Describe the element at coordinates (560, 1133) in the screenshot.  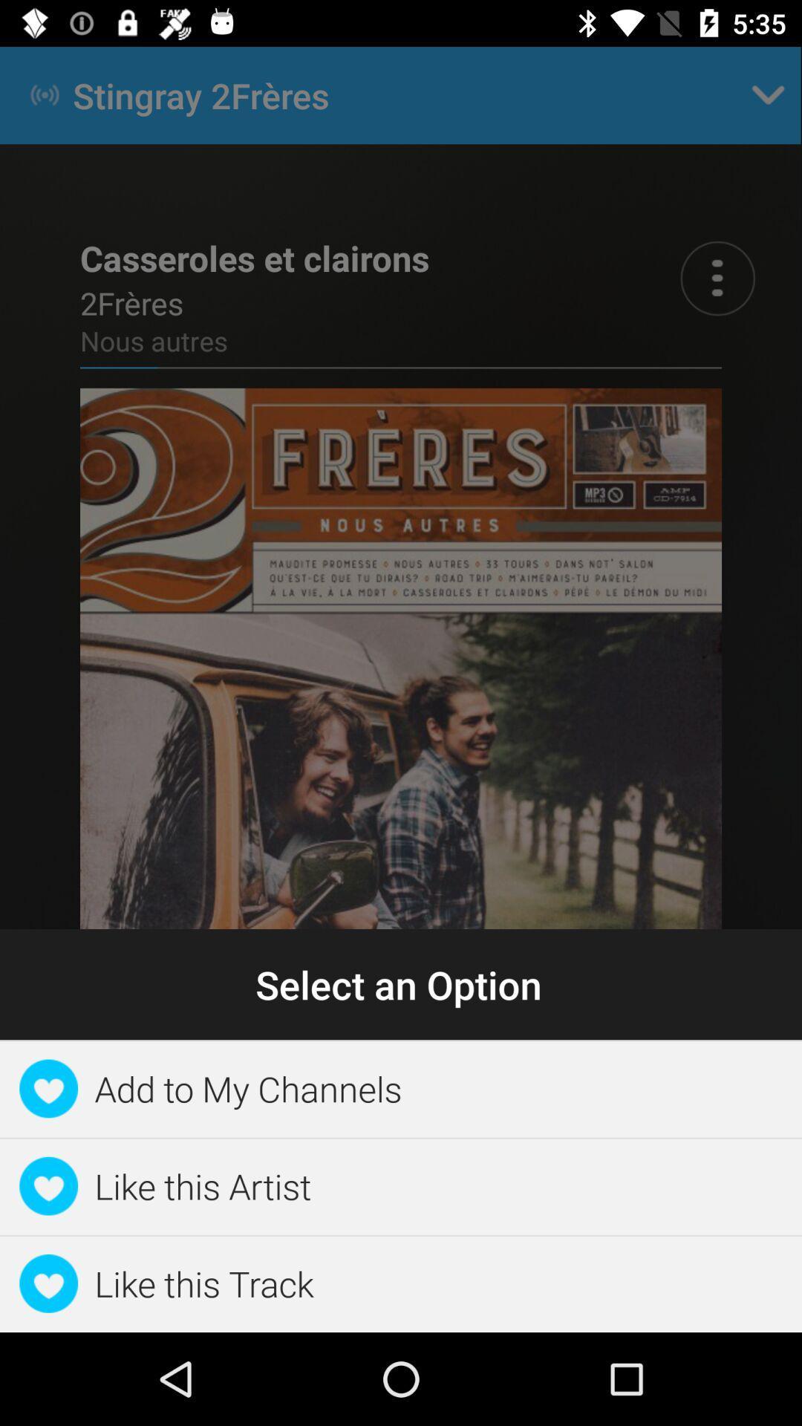
I see `the minus icon` at that location.